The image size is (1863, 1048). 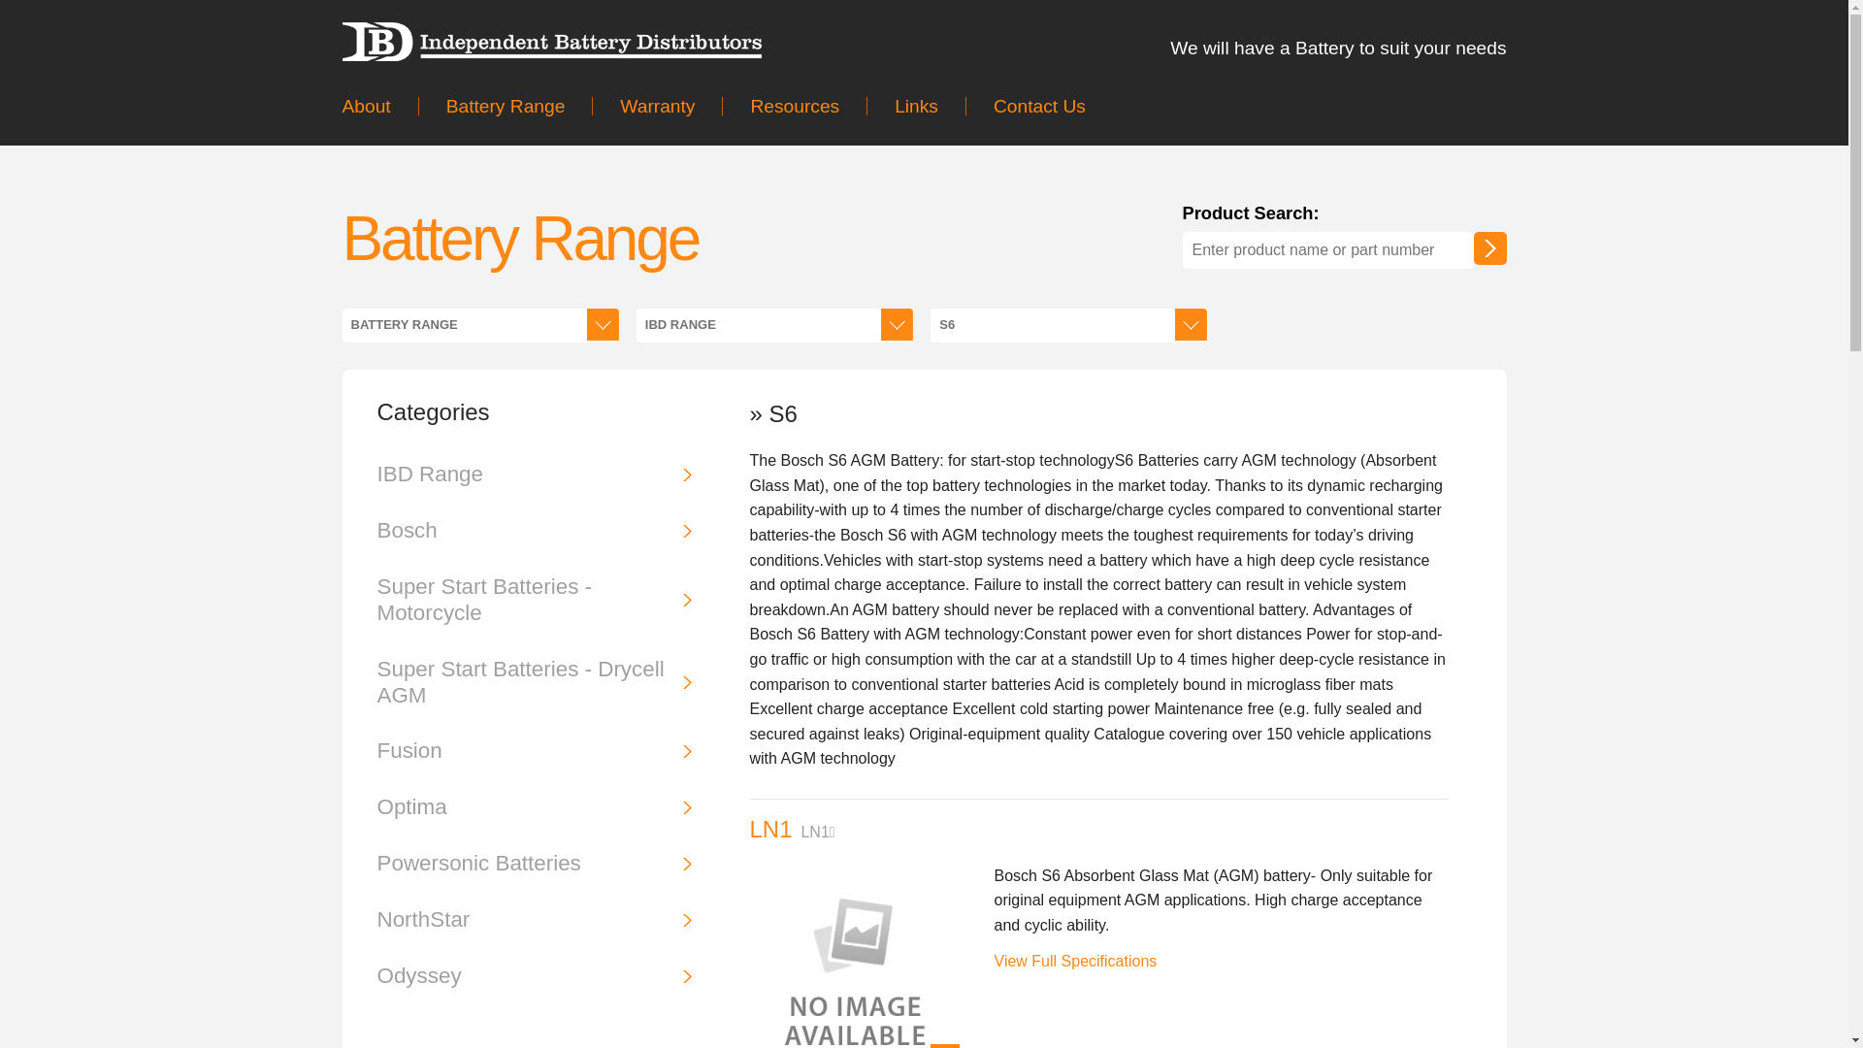 What do you see at coordinates (534, 863) in the screenshot?
I see `'Powersonic Batteries'` at bounding box center [534, 863].